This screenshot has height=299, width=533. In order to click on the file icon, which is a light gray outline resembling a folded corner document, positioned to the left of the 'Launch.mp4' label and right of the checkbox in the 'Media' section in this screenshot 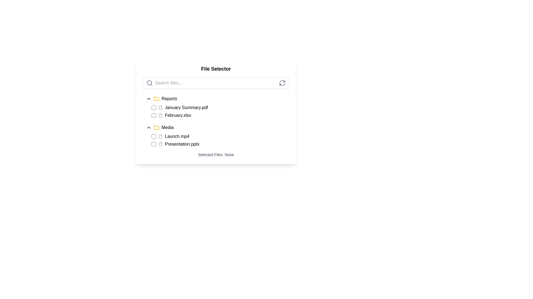, I will do `click(160, 136)`.